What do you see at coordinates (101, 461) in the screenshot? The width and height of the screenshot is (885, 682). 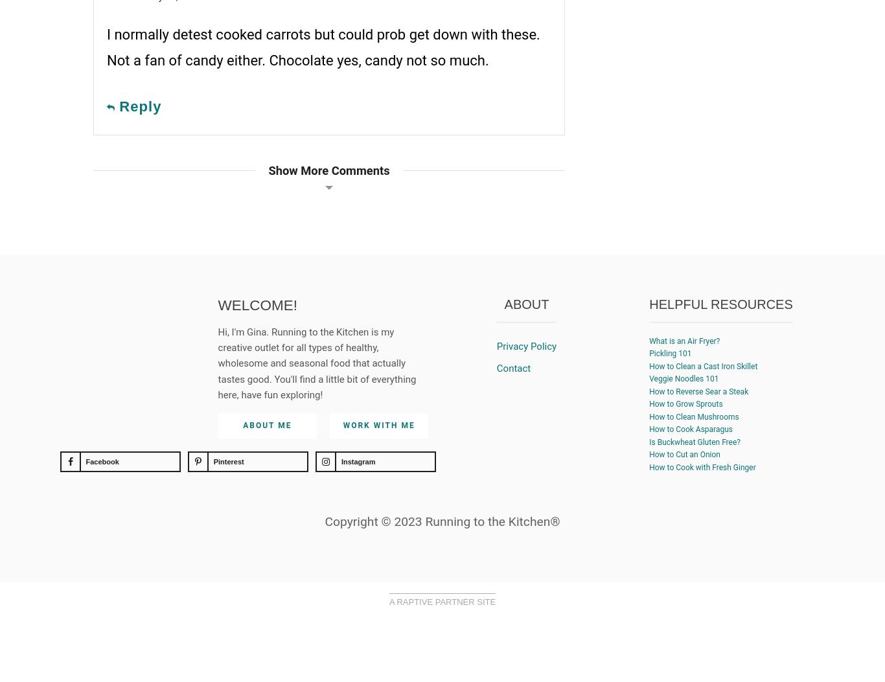 I see `'Facebook'` at bounding box center [101, 461].